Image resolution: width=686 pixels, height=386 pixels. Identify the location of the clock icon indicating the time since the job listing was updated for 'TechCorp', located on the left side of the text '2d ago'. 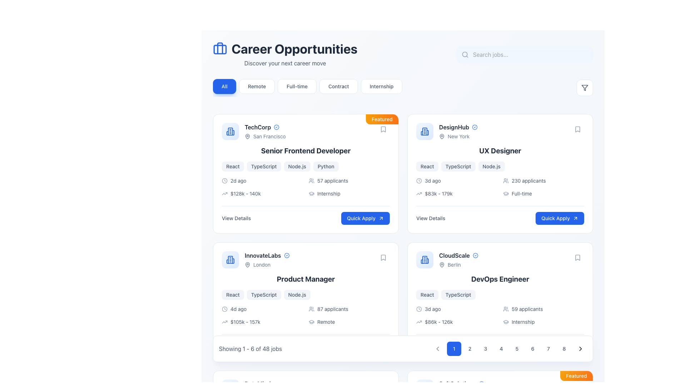
(224, 180).